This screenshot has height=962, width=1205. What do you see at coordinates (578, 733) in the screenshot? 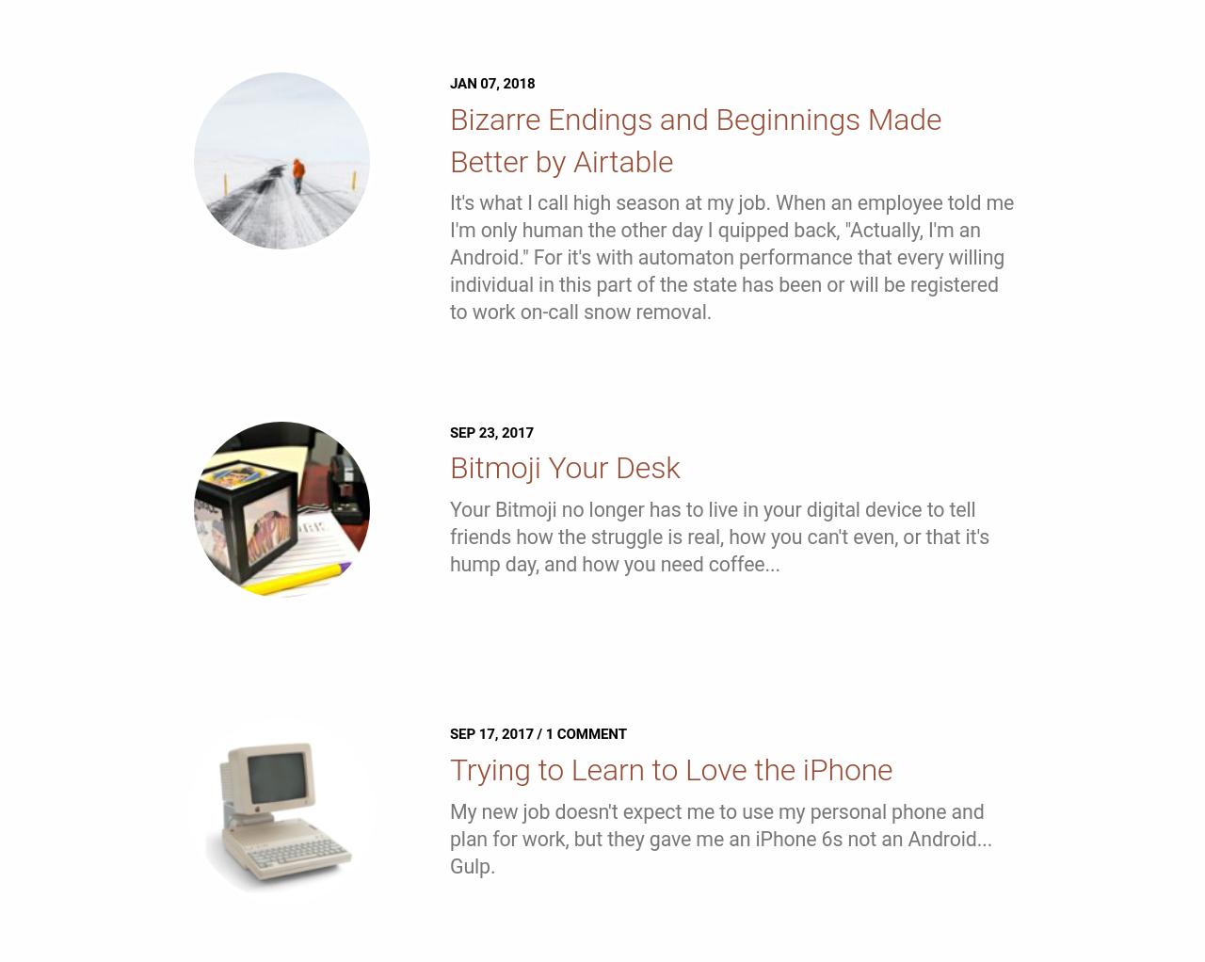
I see `'/ 1 comment'` at bounding box center [578, 733].